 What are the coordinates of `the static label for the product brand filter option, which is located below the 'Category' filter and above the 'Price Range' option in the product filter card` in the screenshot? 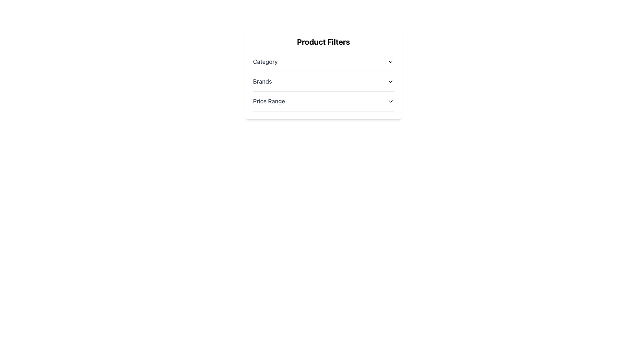 It's located at (263, 81).